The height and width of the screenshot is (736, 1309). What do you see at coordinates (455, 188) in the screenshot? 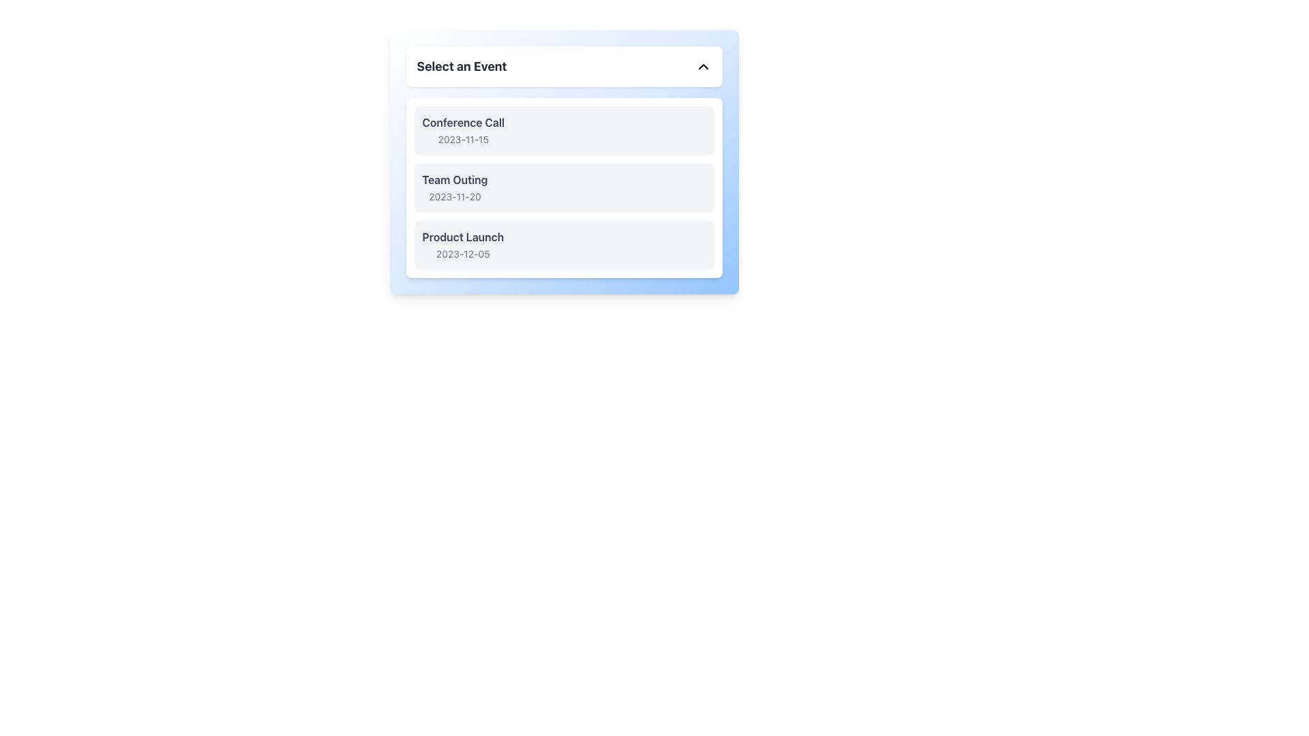
I see `the text details of the 'Team Outing' label, which is styled in bold and contains the date '2023-11-20', positioned in the second row of event entries` at bounding box center [455, 188].